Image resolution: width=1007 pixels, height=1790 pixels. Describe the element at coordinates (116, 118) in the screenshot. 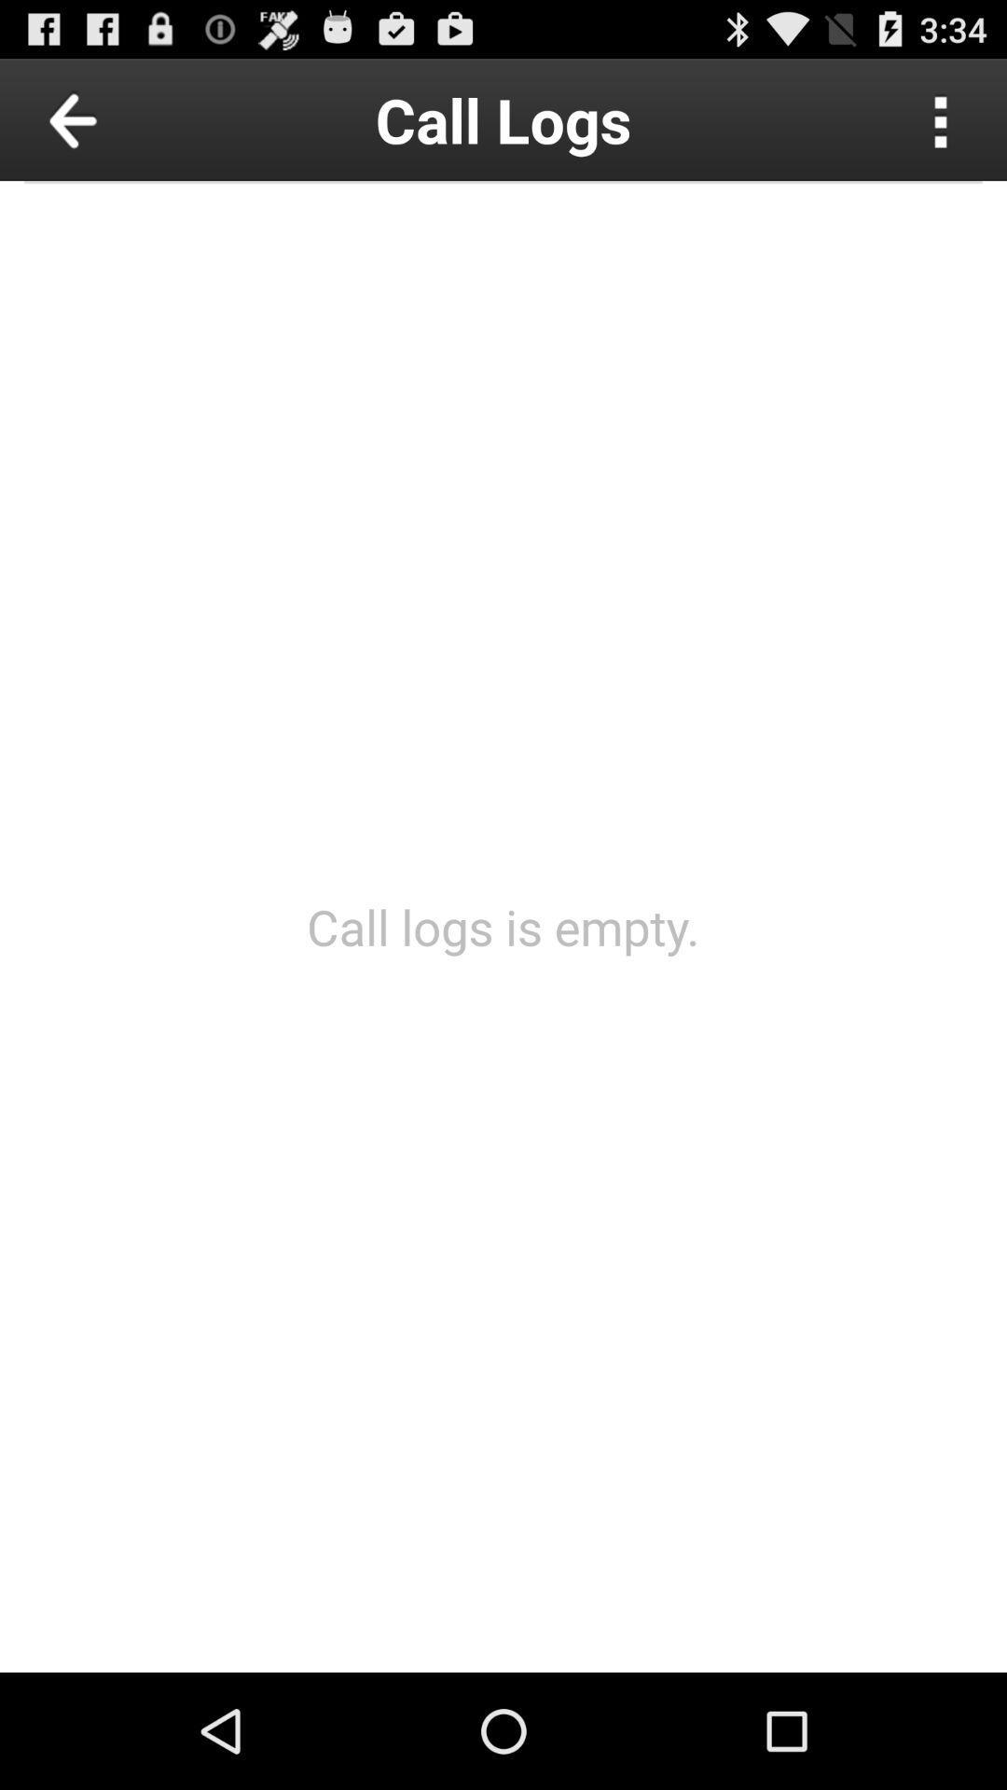

I see `go back` at that location.